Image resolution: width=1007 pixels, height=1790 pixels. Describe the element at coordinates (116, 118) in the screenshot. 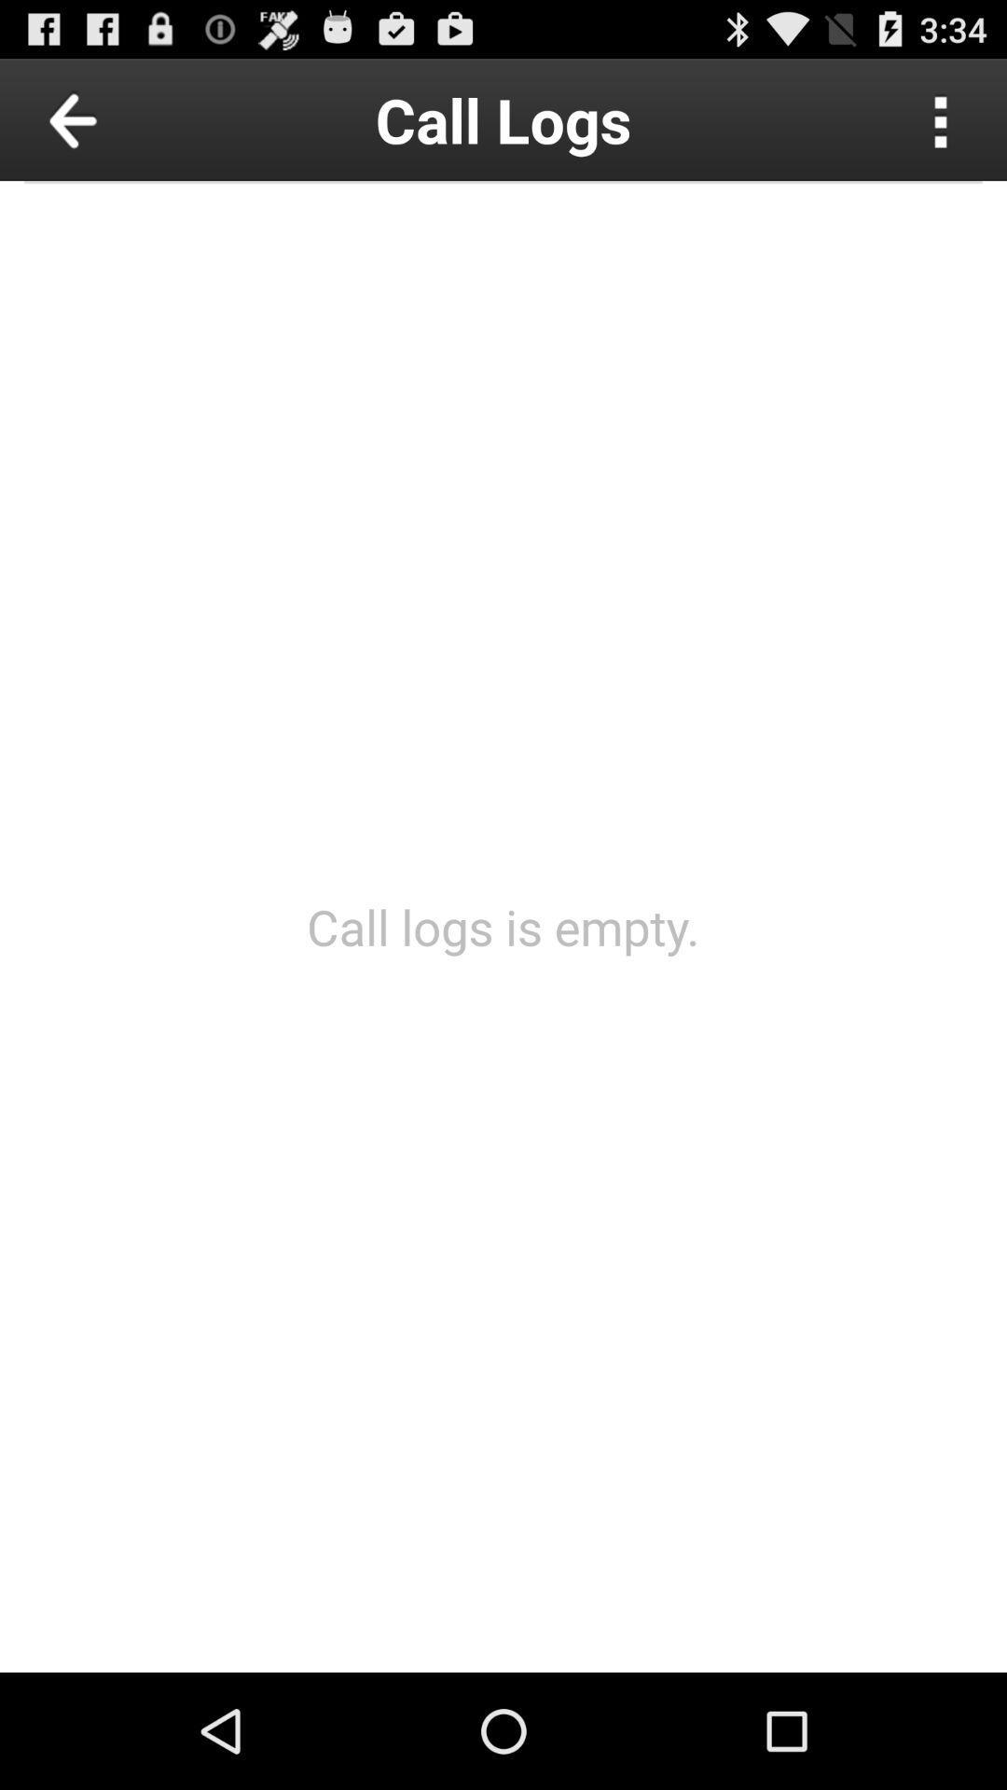

I see `go back` at that location.